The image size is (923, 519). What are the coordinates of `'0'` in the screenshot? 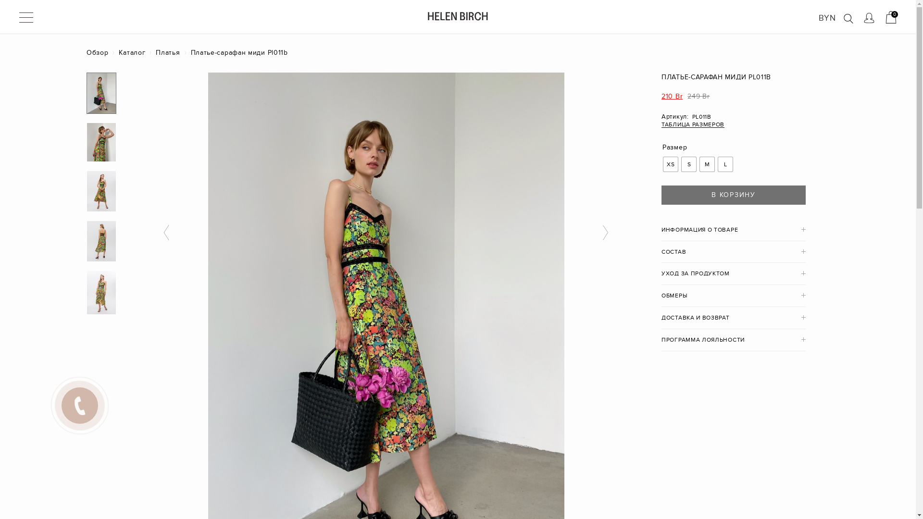 It's located at (890, 17).